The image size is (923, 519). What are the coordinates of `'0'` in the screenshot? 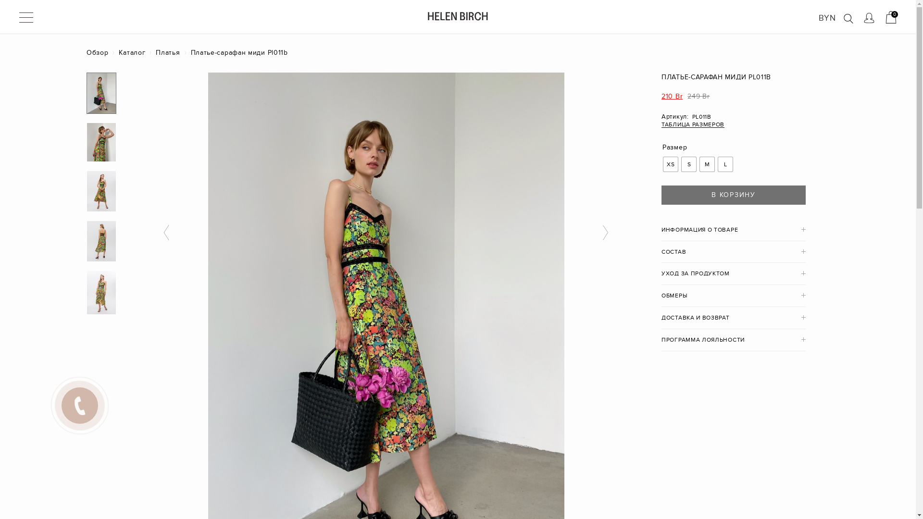 It's located at (890, 17).